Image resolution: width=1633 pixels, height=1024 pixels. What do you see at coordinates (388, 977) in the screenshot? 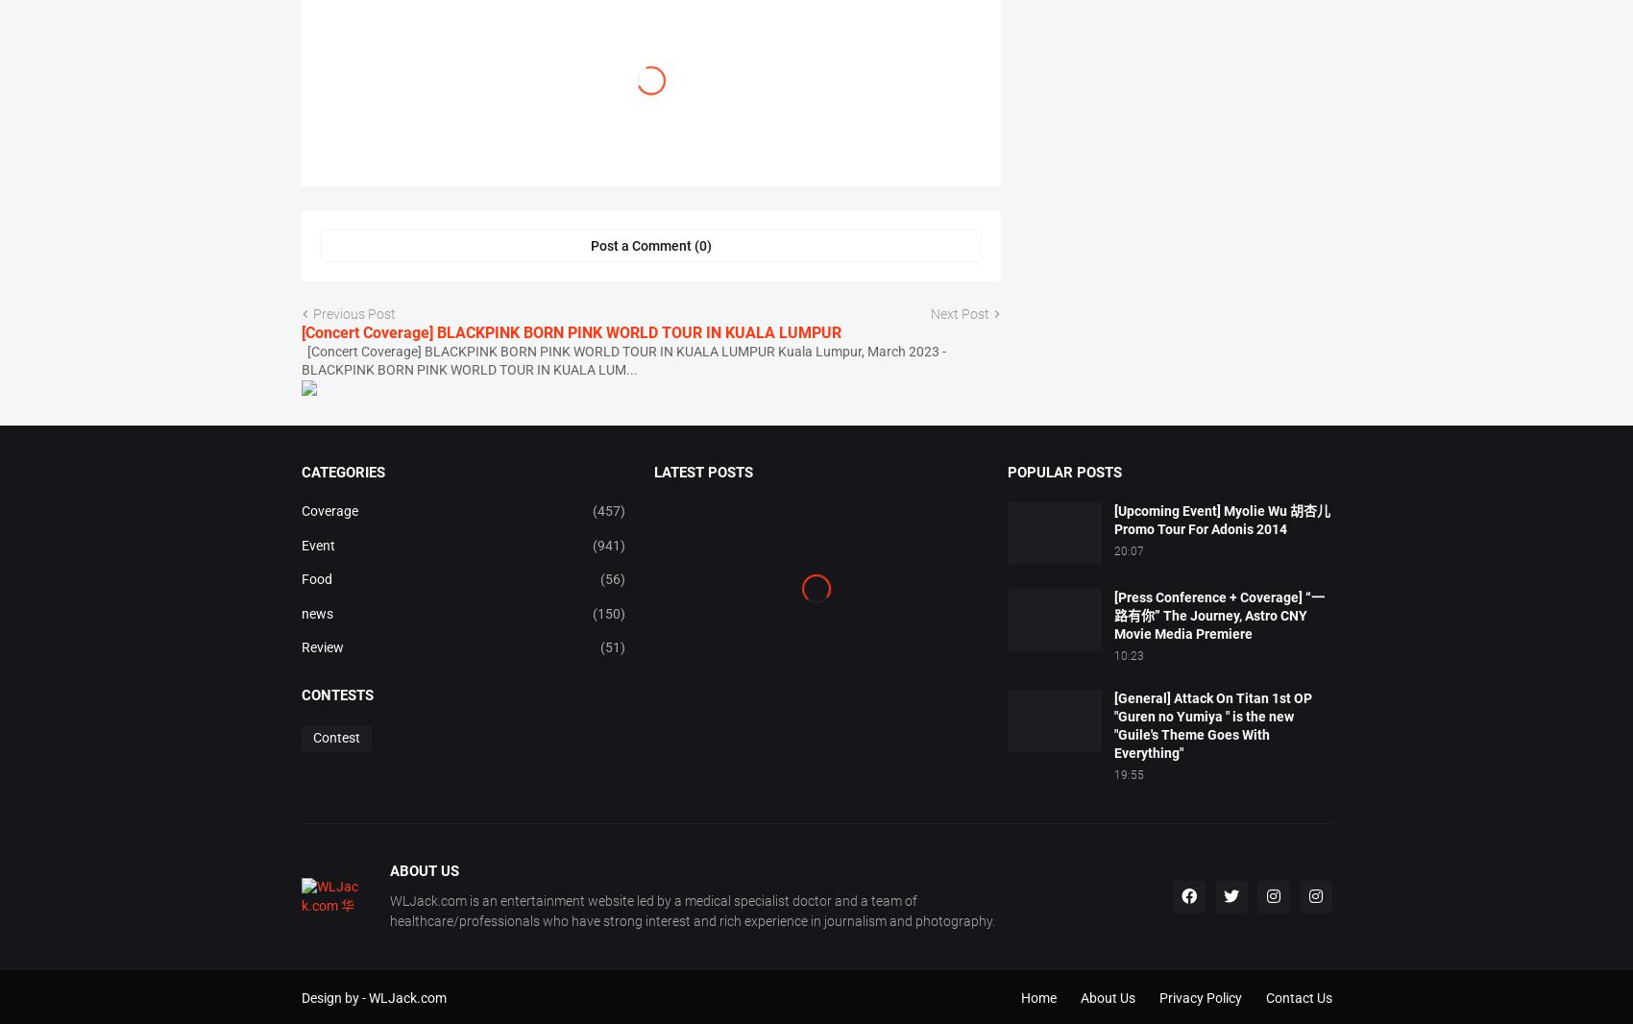
I see `'WLJack.com is an entertainment website led by a medical specialist doctor and a team of healthcare/professionals who have strong interest and rich experience in journalism and photography.'` at bounding box center [388, 977].